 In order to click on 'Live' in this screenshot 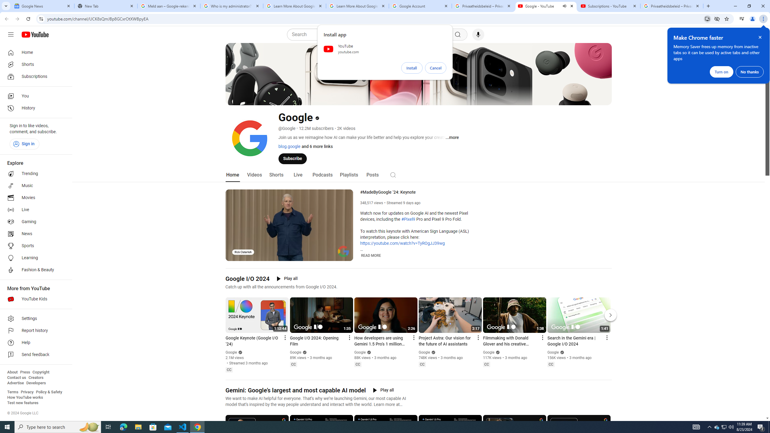, I will do `click(297, 175)`.